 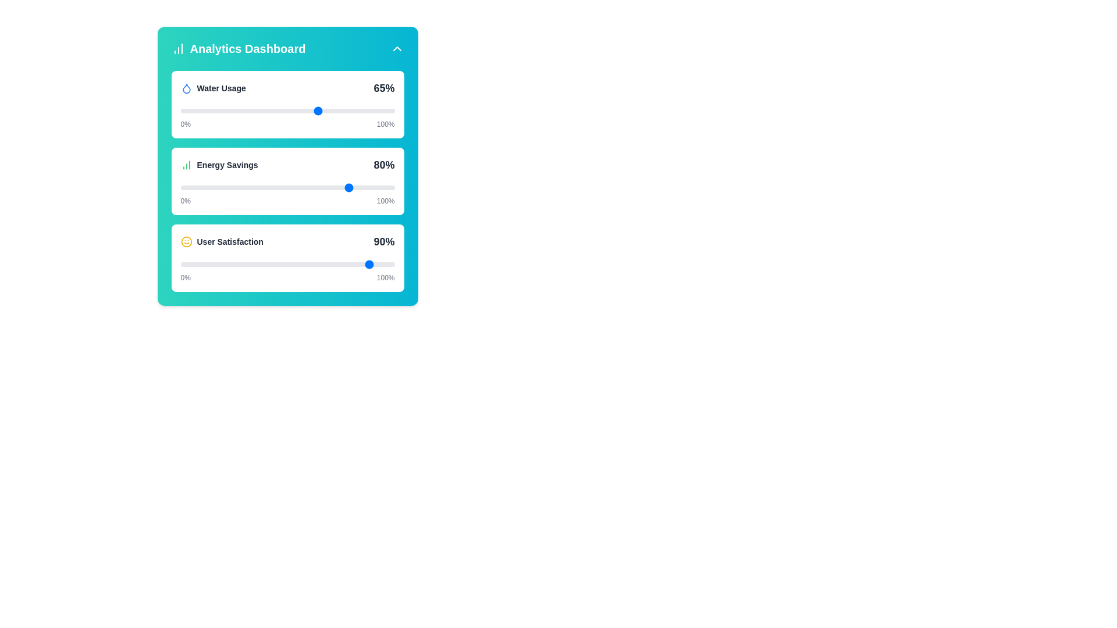 What do you see at coordinates (185, 124) in the screenshot?
I see `the label that indicates the minimum value of the progress bar, located at the left edge of the section beneath the 'Water Usage' metric` at bounding box center [185, 124].